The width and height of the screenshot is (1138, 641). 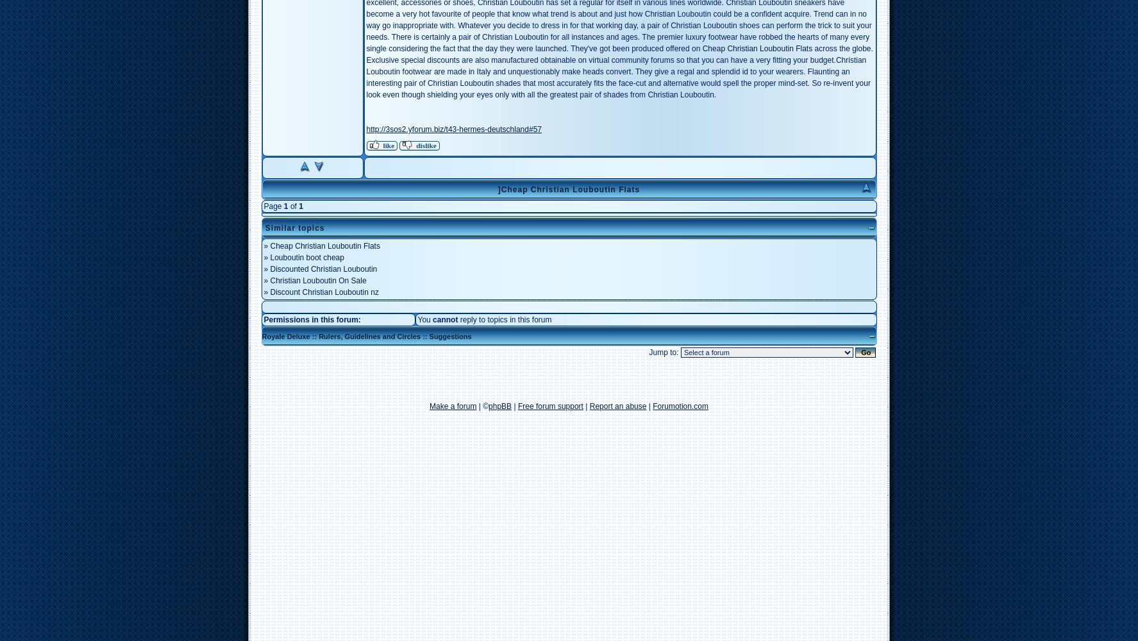 What do you see at coordinates (273, 206) in the screenshot?
I see `'Page'` at bounding box center [273, 206].